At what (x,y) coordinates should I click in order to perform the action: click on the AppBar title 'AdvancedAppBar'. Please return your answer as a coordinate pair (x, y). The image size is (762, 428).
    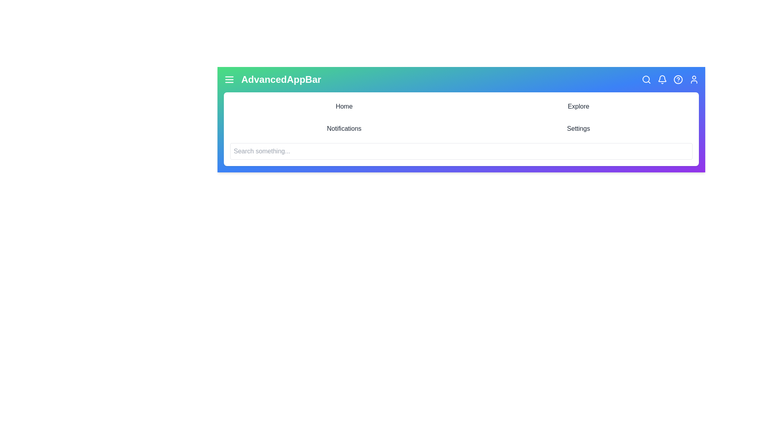
    Looking at the image, I should click on (281, 79).